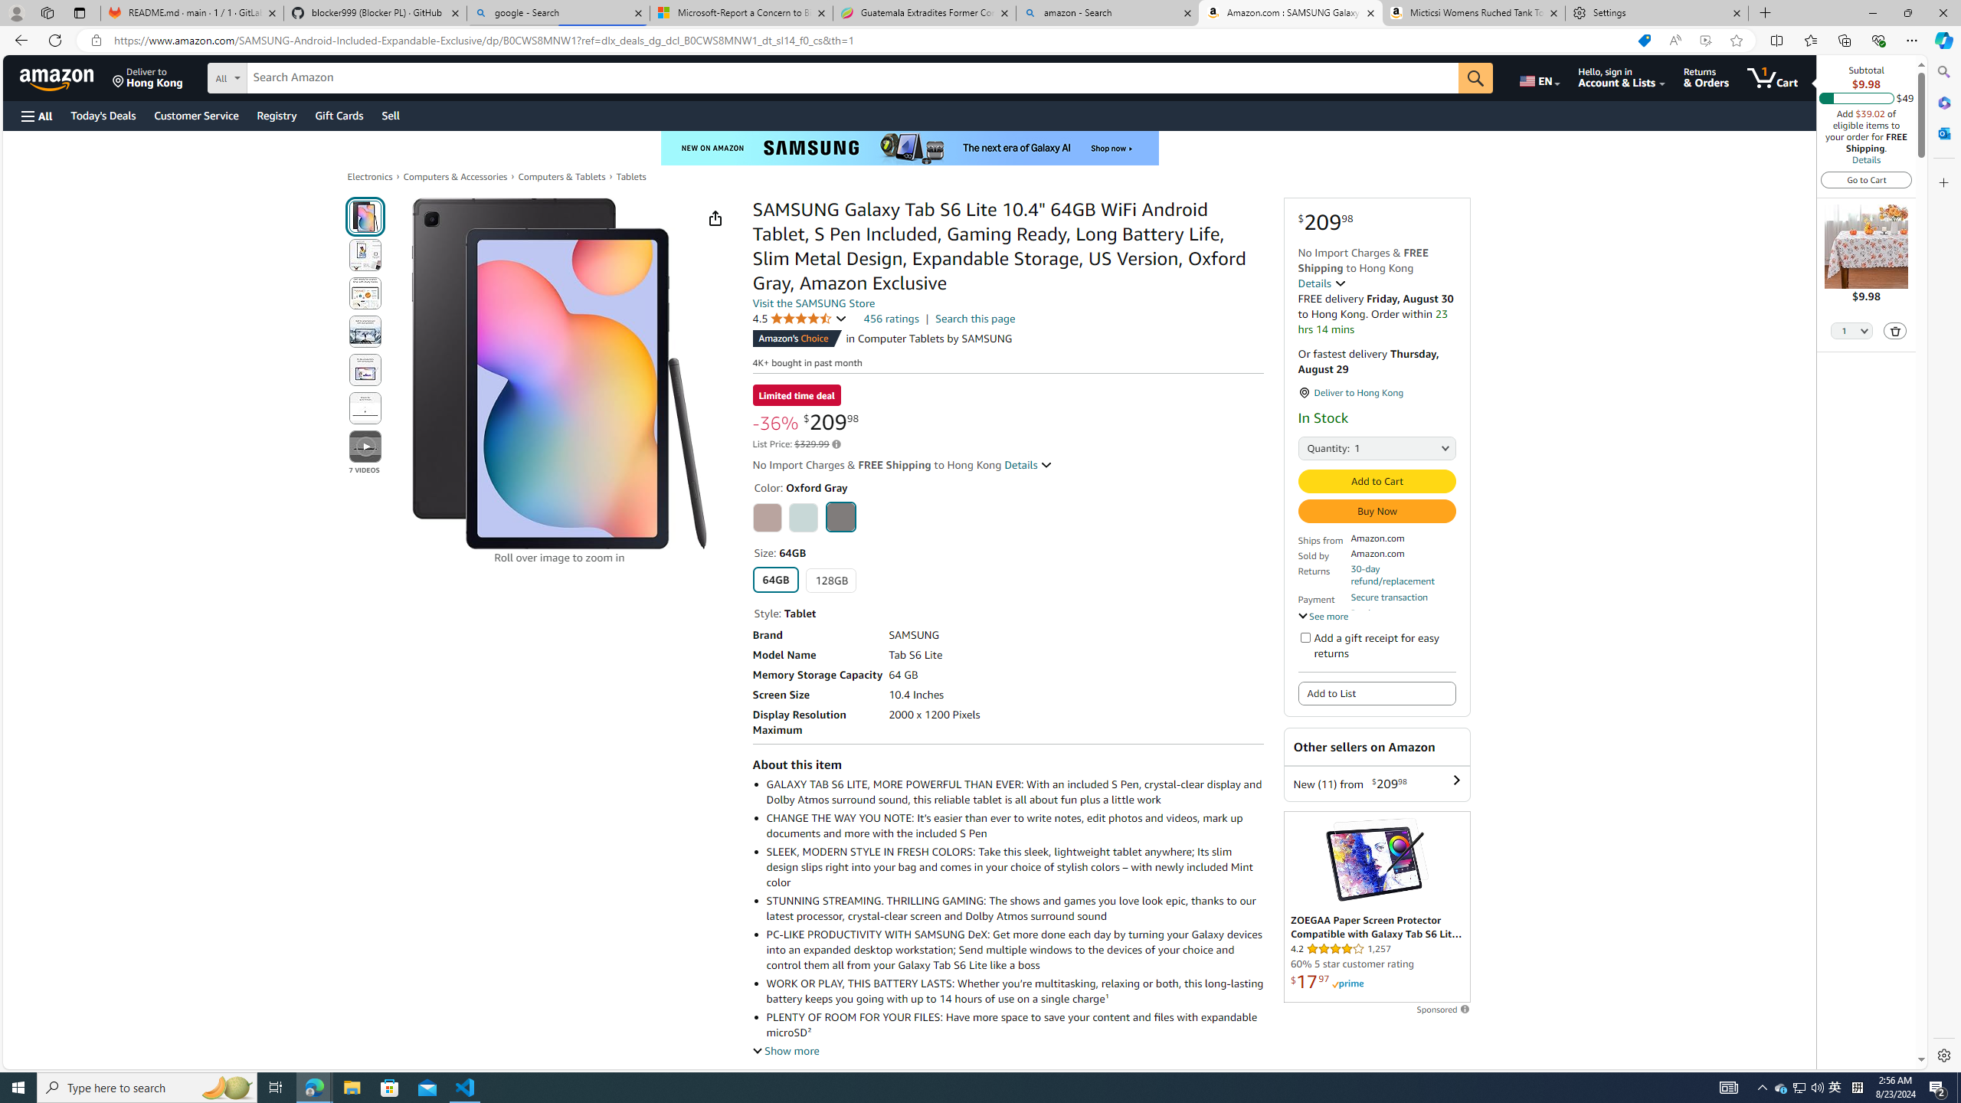 This screenshot has height=1103, width=1961. Describe the element at coordinates (786, 1050) in the screenshot. I see `'Show more'` at that location.